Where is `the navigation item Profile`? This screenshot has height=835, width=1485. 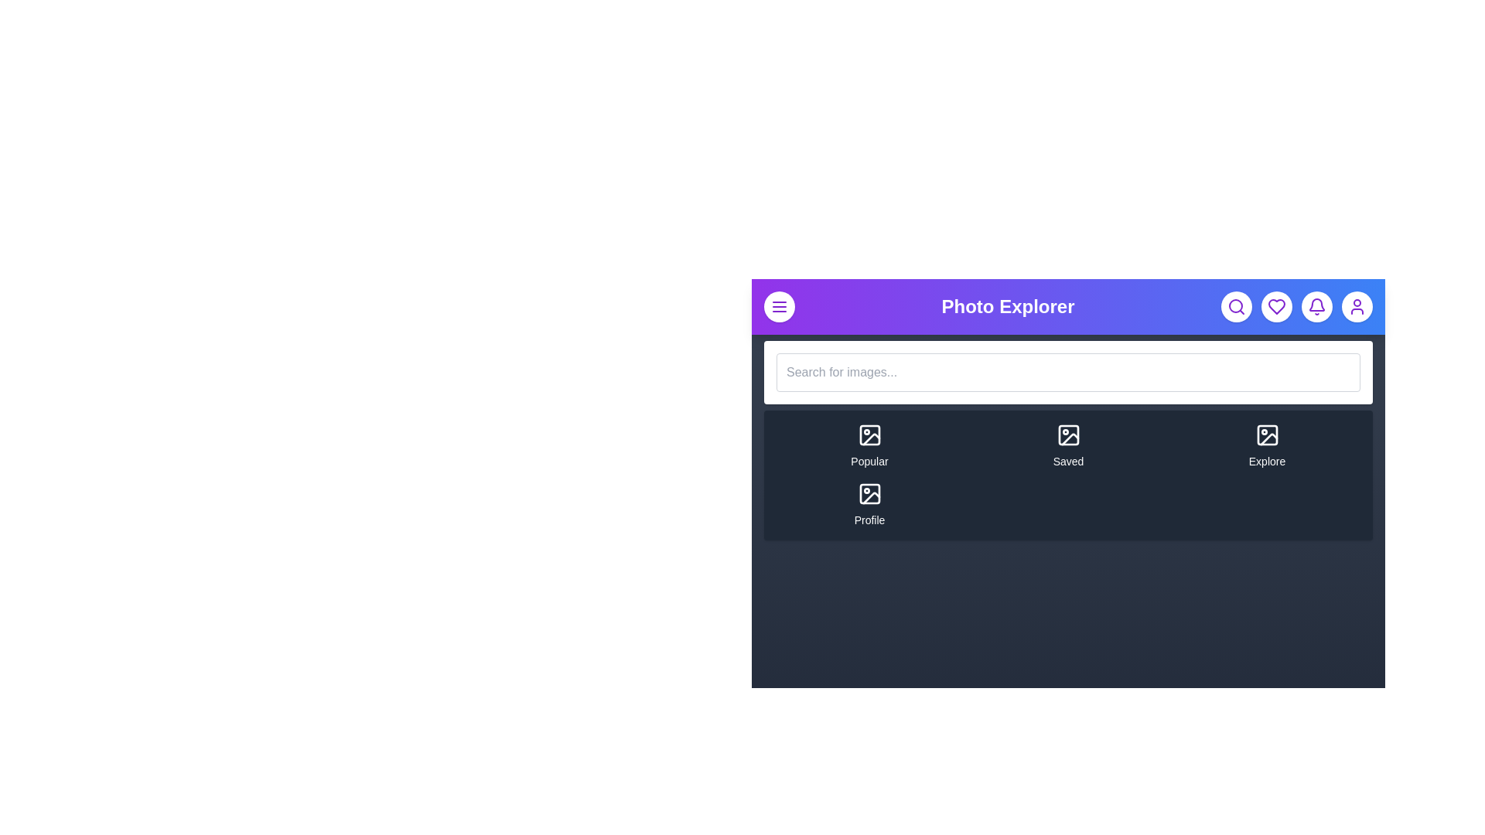
the navigation item Profile is located at coordinates (869, 504).